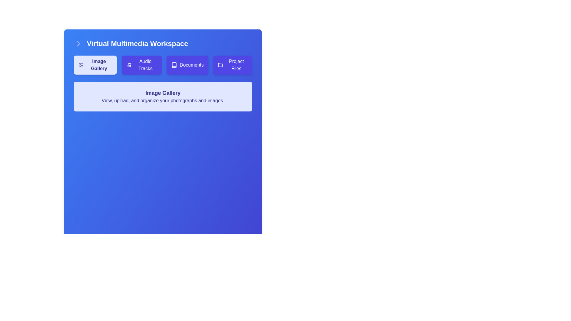  I want to click on the chevron arrow icon located in the upper-left corner of the title bar containing 'Virtual Multimedia Workspace', so click(78, 43).